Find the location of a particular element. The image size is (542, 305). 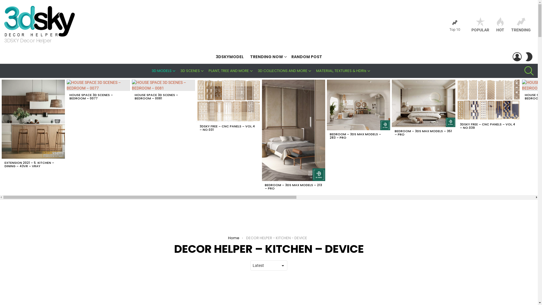

'TRENDING NOW' is located at coordinates (267, 56).